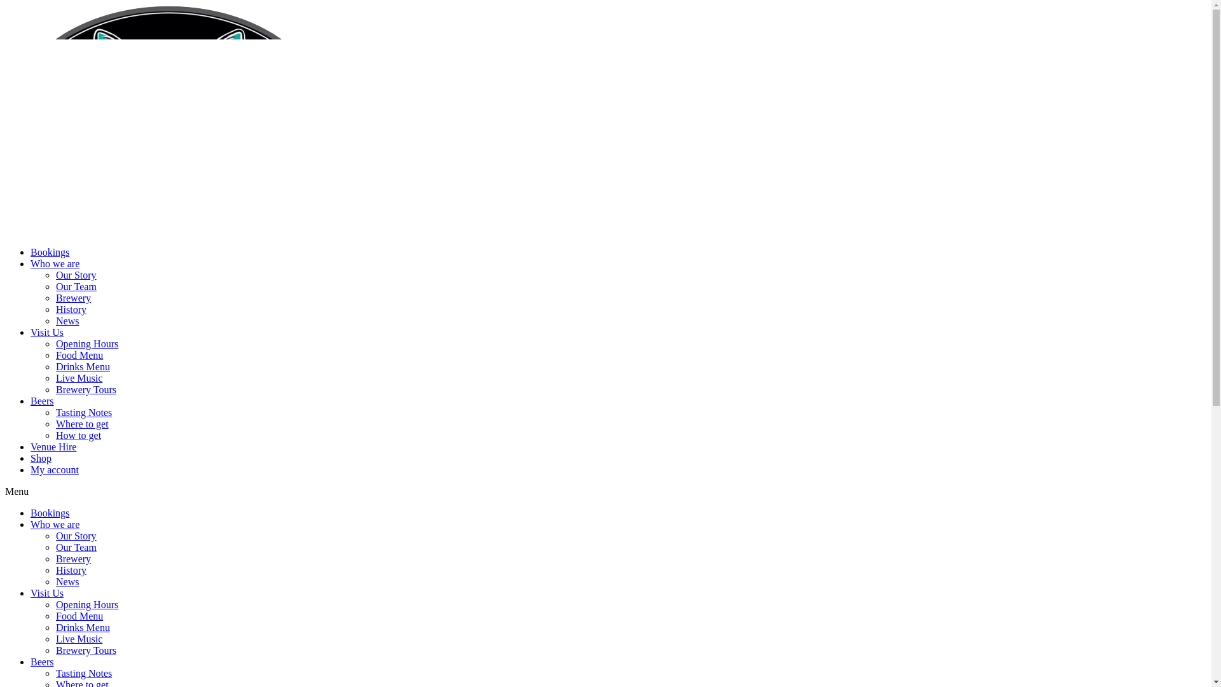 The image size is (1221, 687). I want to click on 'Visit Us', so click(46, 331).